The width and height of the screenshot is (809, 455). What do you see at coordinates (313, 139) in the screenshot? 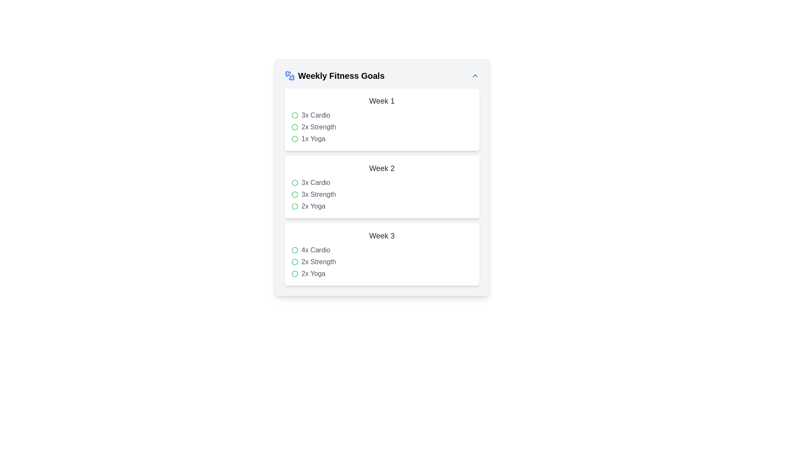
I see `the text label displaying the weekly goal for 'Yoga' with 1 session planned, located under 'Week 1' as the third list item in the first card of weekly goals` at bounding box center [313, 139].